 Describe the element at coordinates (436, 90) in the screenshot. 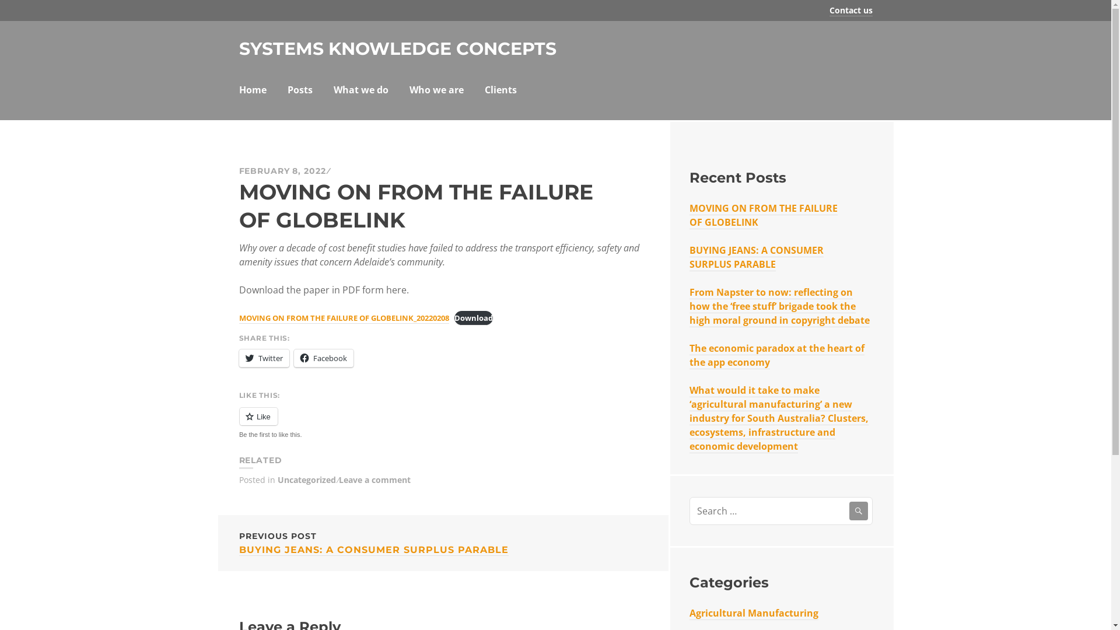

I see `'Who we are'` at that location.